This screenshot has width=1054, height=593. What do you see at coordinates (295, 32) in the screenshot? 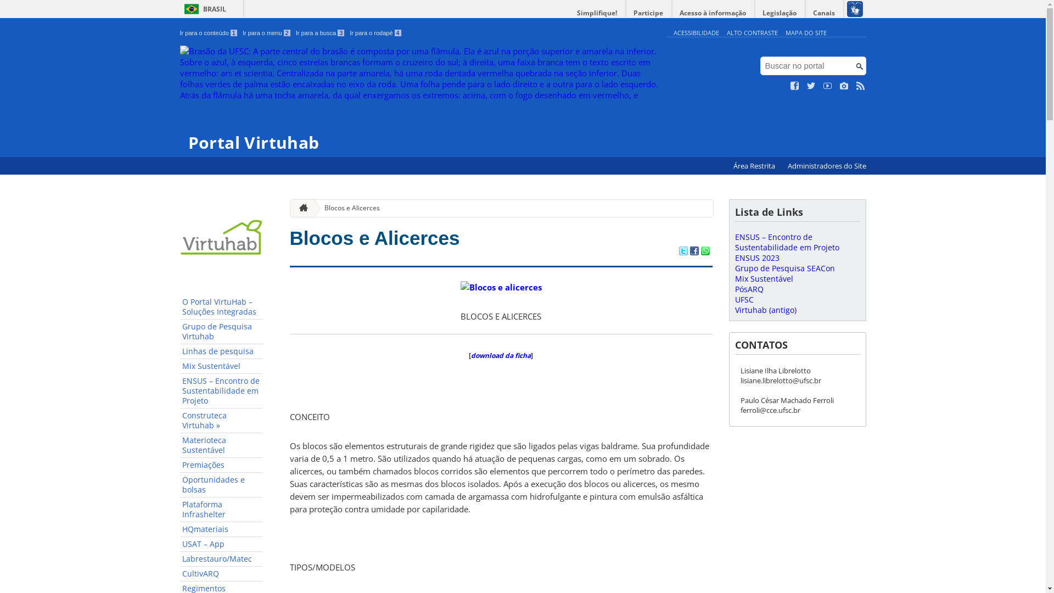
I see `'Ir para a busca 3'` at bounding box center [295, 32].